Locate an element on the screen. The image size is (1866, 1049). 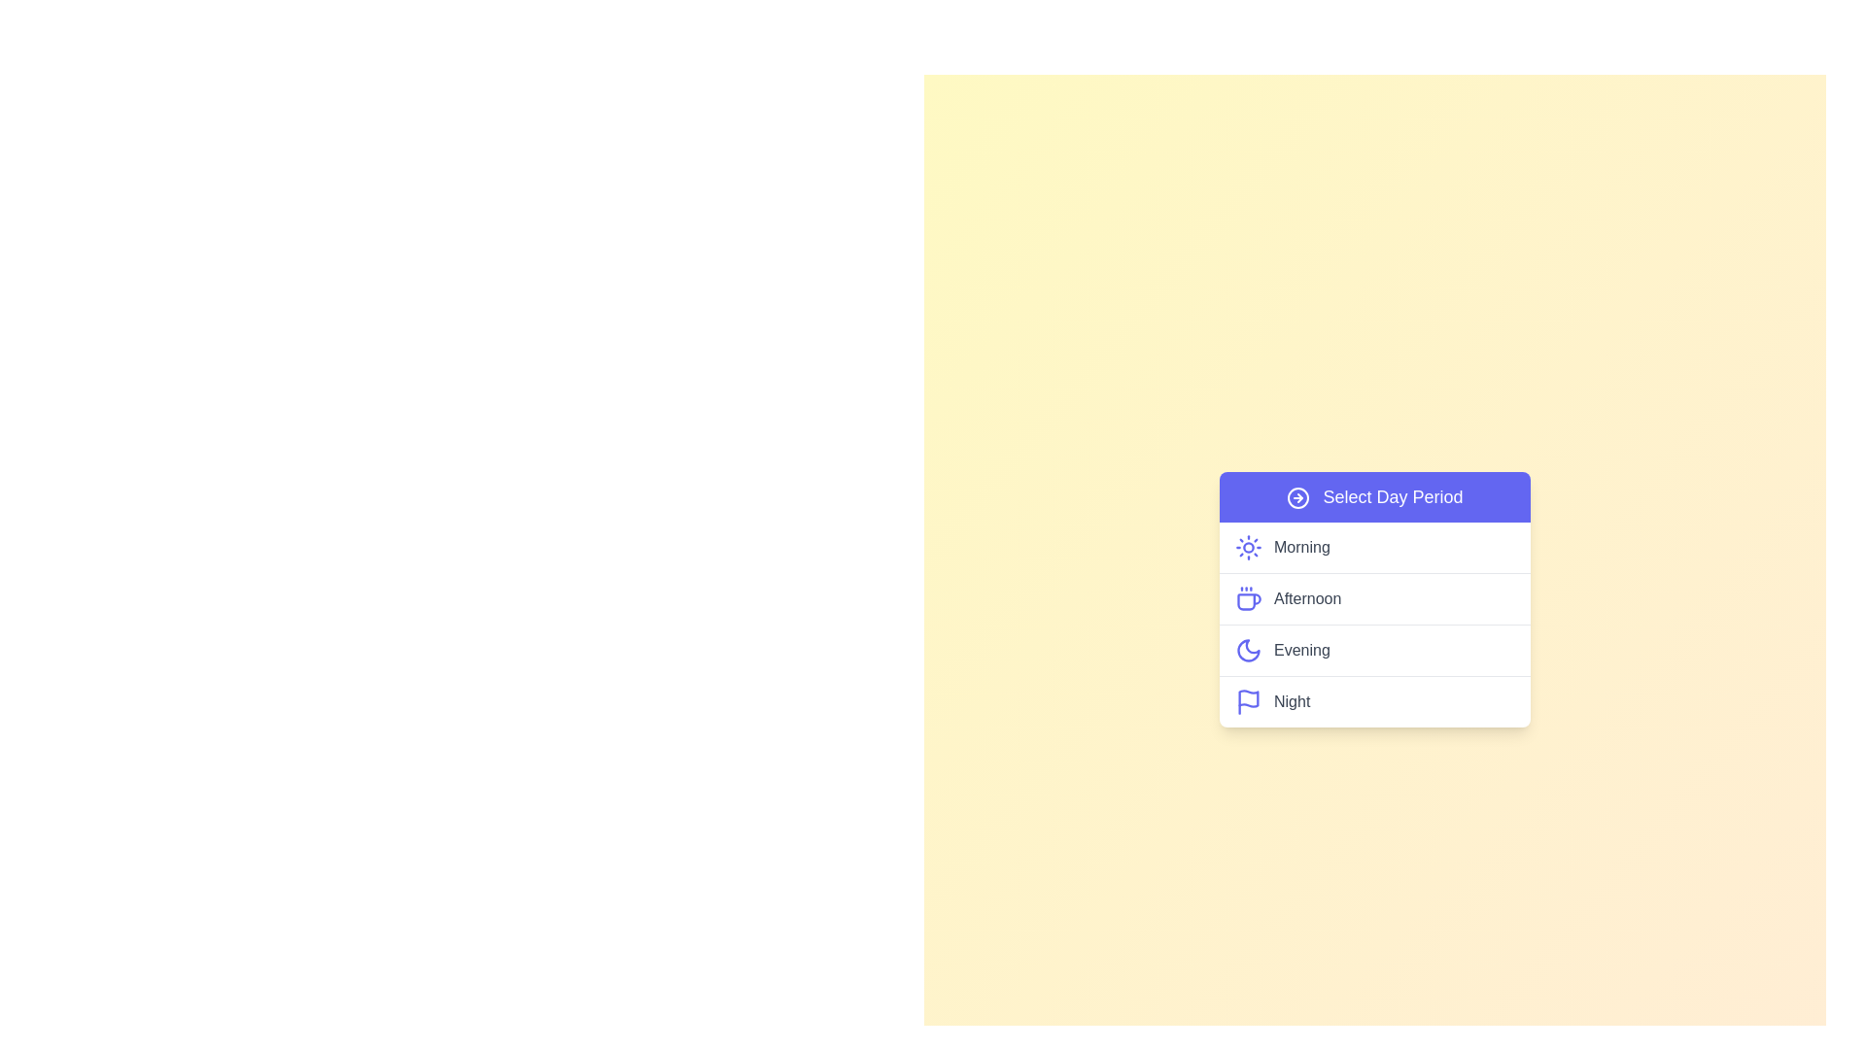
the day period Evening from the menu is located at coordinates (1374, 649).